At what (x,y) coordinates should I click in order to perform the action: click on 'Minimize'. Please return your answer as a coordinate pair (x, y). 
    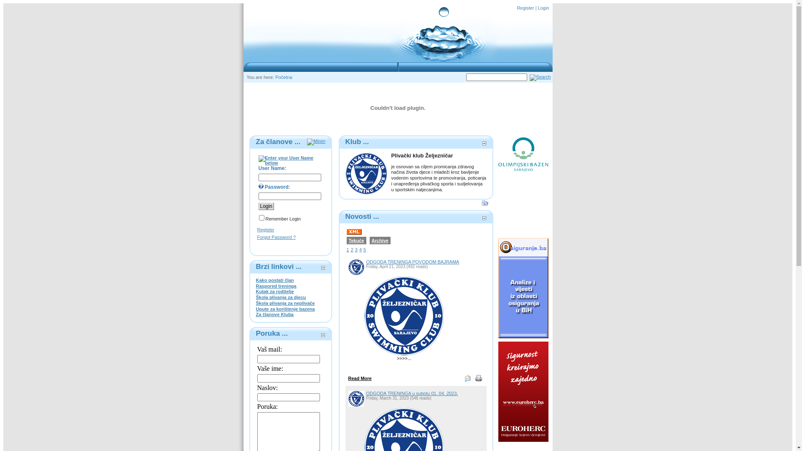
    Looking at the image, I should click on (322, 266).